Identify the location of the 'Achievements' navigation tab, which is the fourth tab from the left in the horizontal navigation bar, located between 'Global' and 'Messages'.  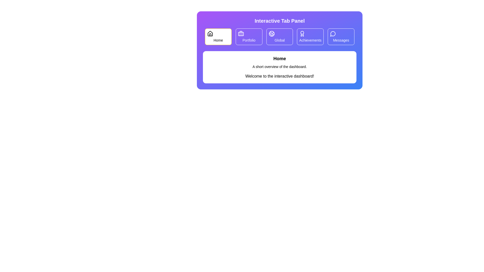
(310, 37).